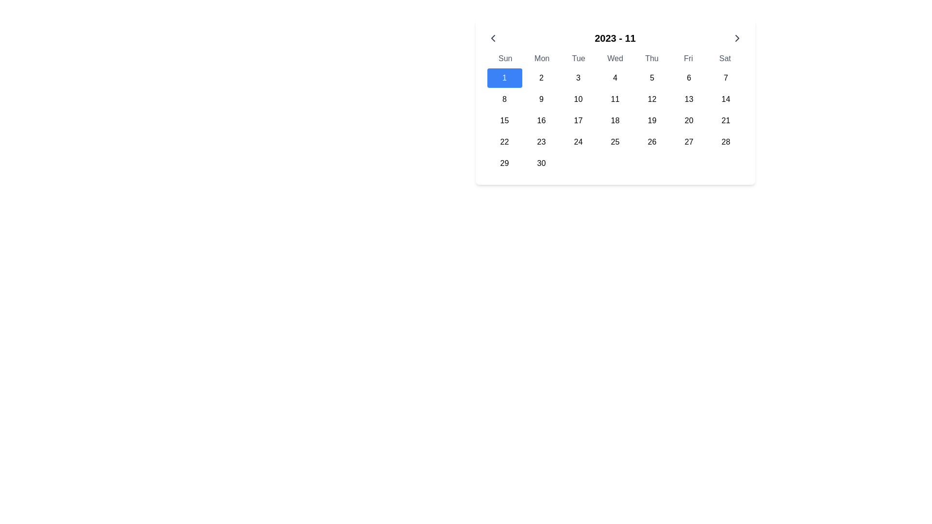 Image resolution: width=932 pixels, height=524 pixels. I want to click on the button representing the 23rd day in the calendar view, so click(541, 142).